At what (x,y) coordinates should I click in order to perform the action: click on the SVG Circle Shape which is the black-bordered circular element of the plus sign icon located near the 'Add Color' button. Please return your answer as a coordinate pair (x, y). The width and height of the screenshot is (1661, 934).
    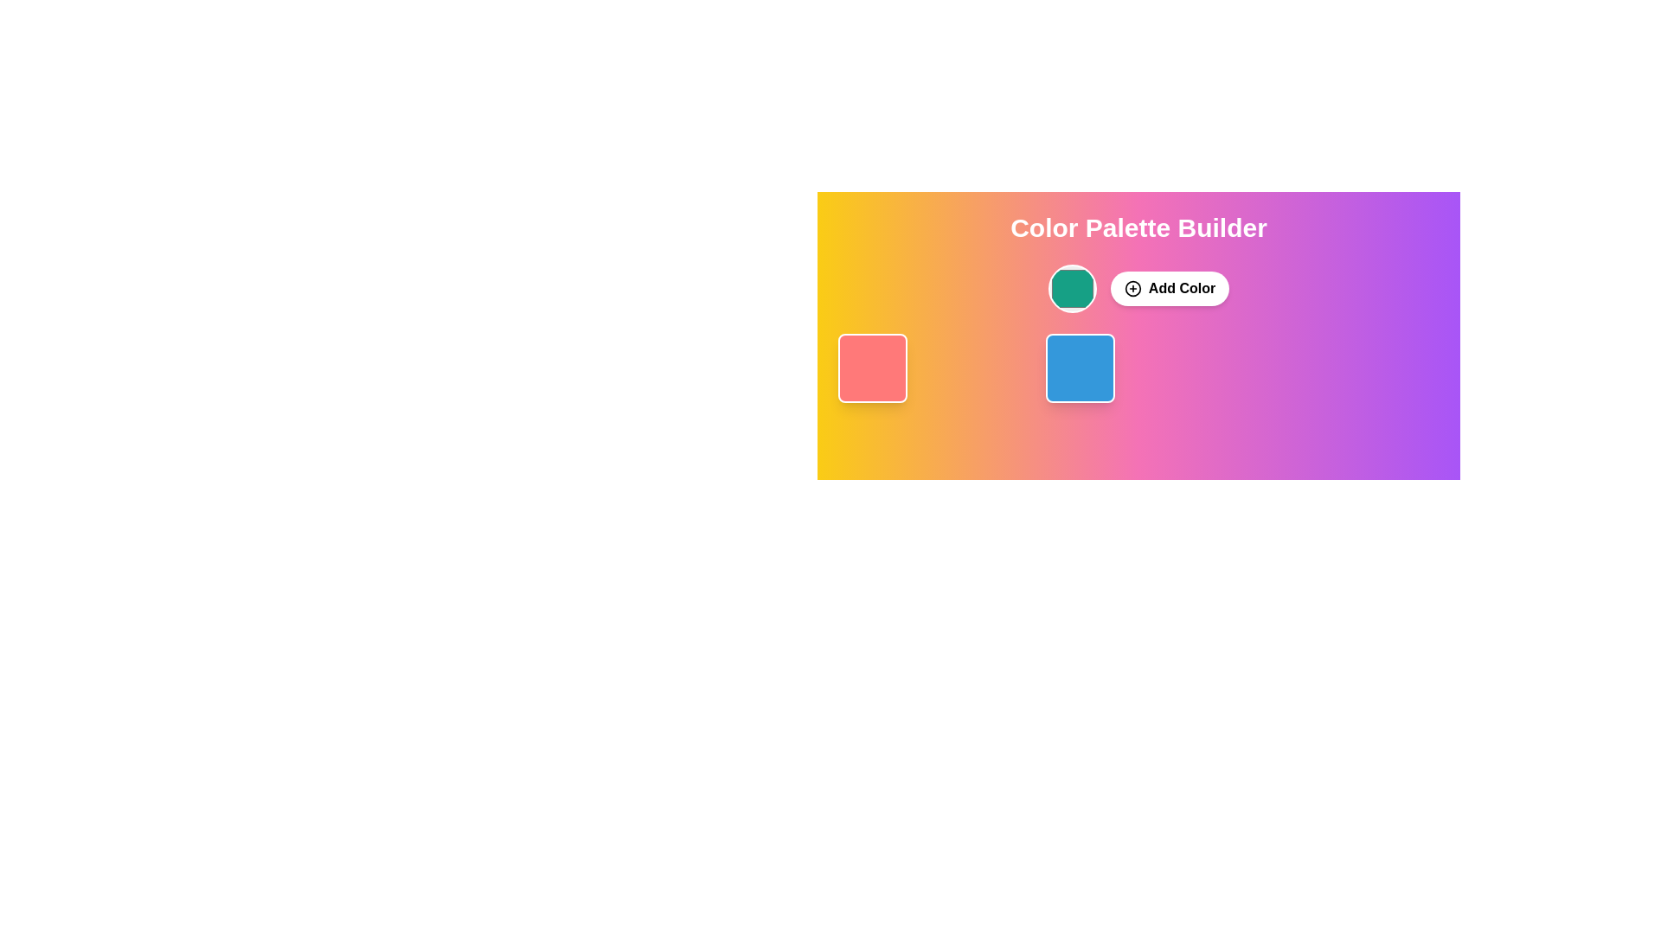
    Looking at the image, I should click on (1132, 288).